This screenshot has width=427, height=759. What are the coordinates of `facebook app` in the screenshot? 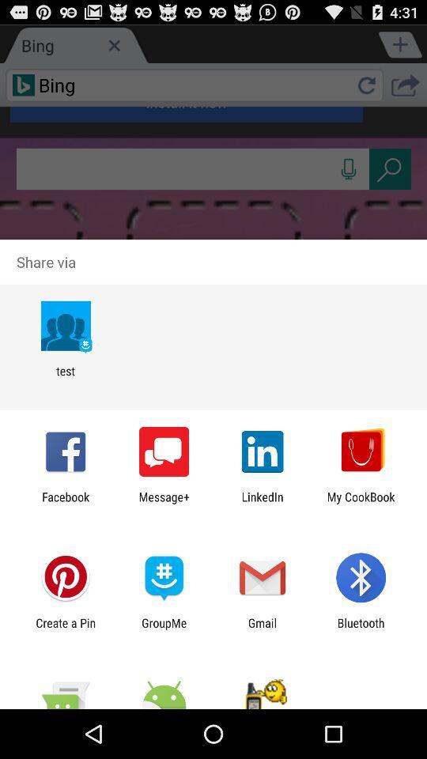 It's located at (65, 503).